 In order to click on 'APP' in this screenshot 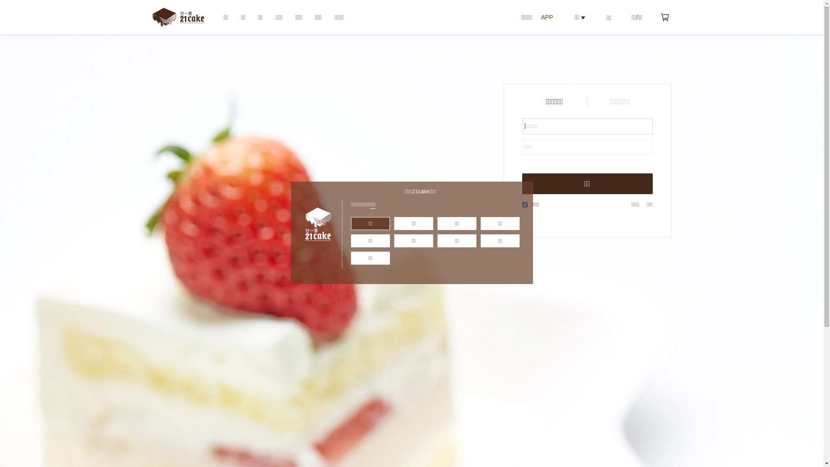, I will do `click(546, 17)`.